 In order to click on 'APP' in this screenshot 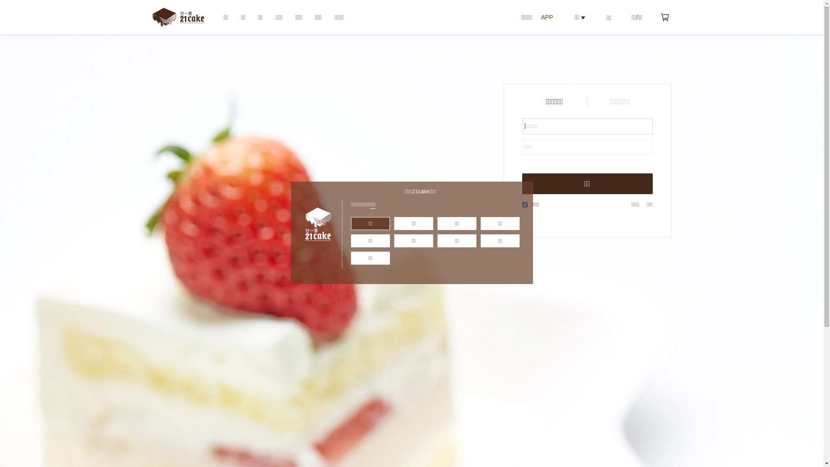, I will do `click(546, 17)`.